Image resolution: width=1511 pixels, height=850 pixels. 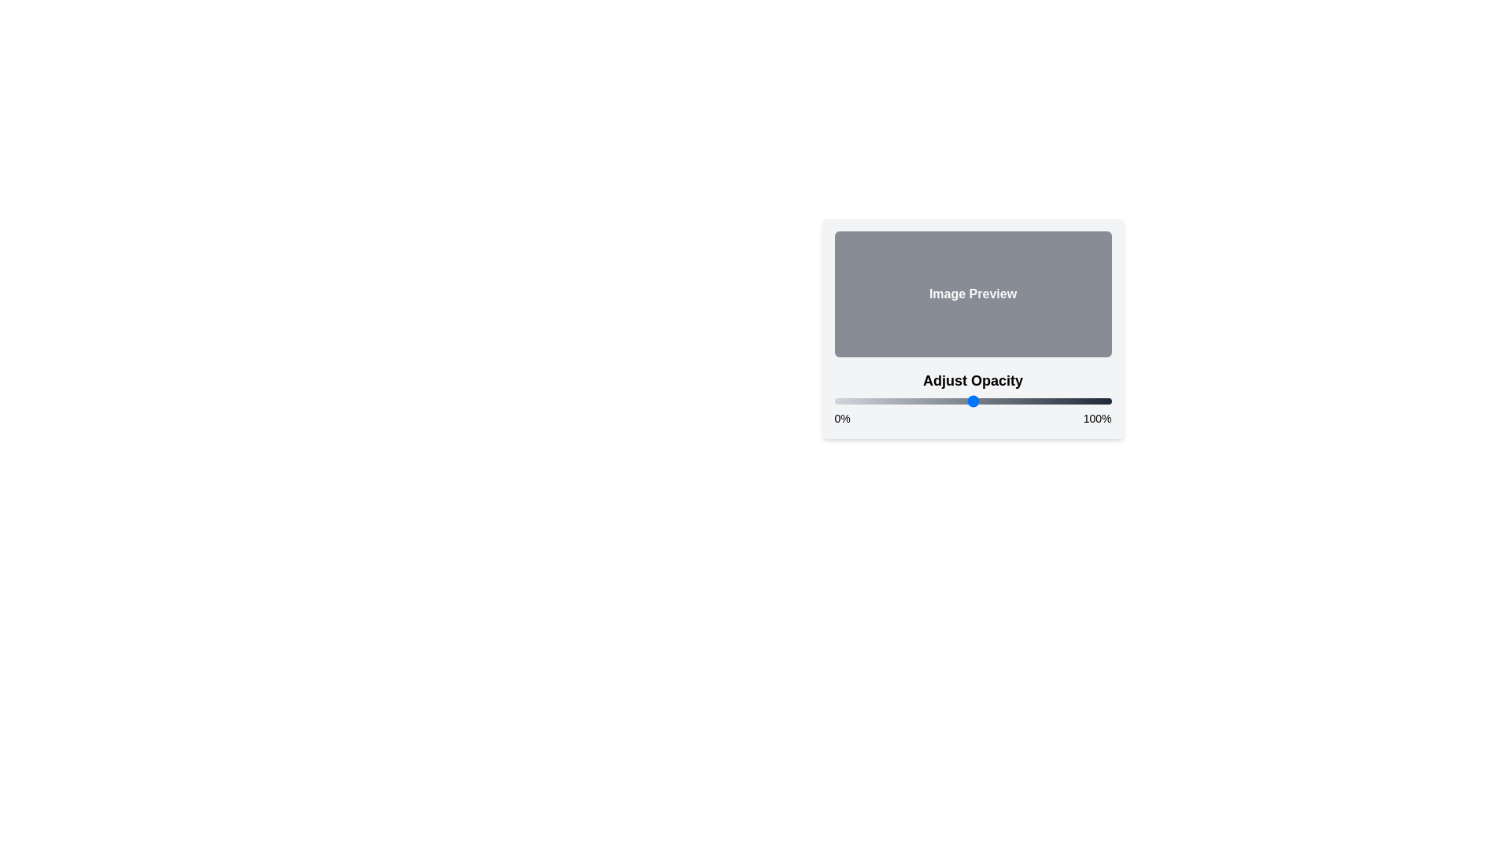 I want to click on the opacity, so click(x=909, y=400).